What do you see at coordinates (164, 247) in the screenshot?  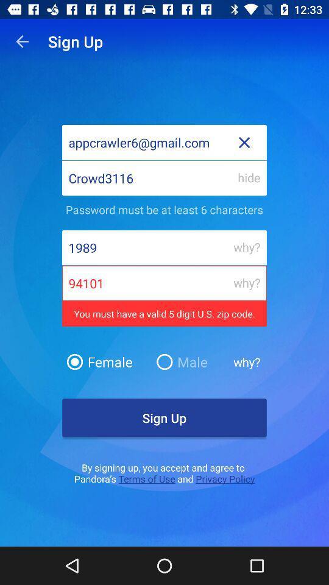 I see `the third text field` at bounding box center [164, 247].